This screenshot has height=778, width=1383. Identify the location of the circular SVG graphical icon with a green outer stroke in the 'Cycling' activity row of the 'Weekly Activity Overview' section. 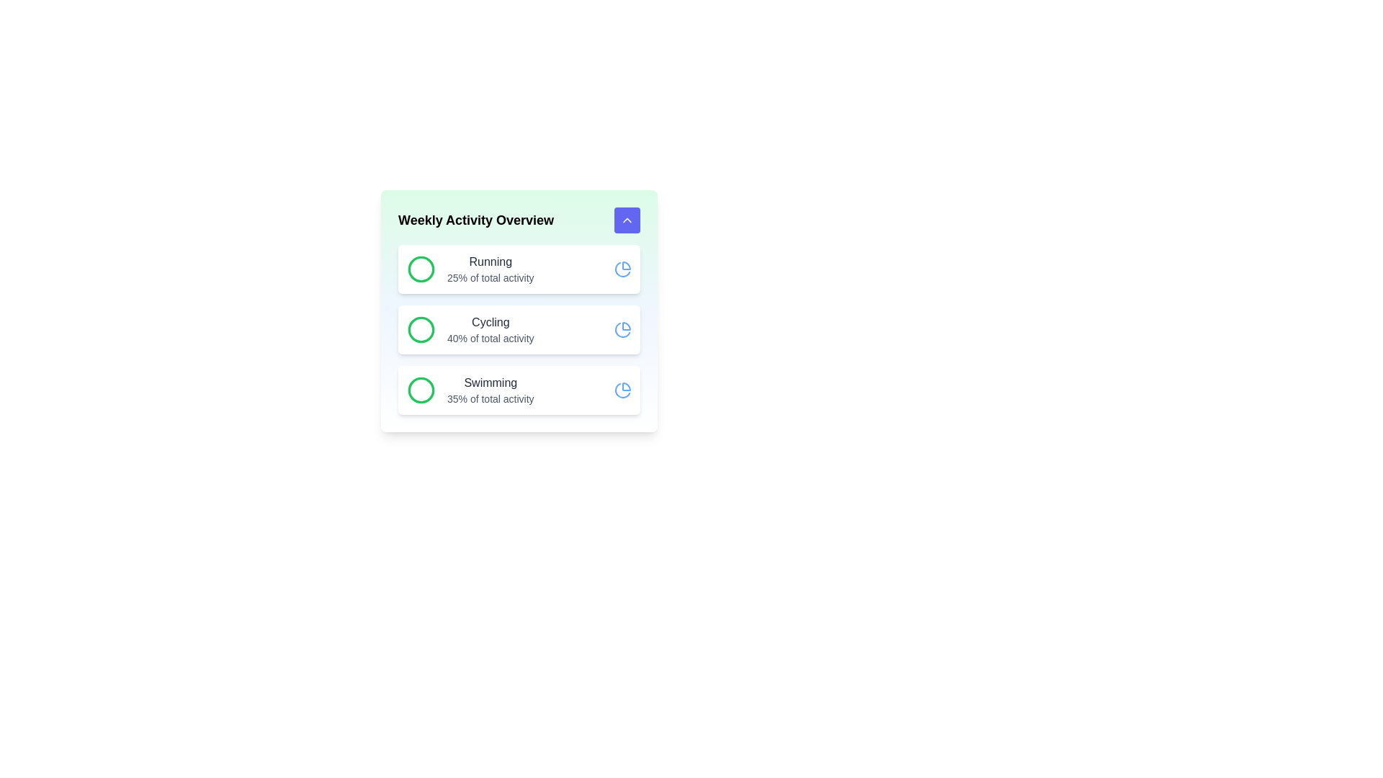
(421, 330).